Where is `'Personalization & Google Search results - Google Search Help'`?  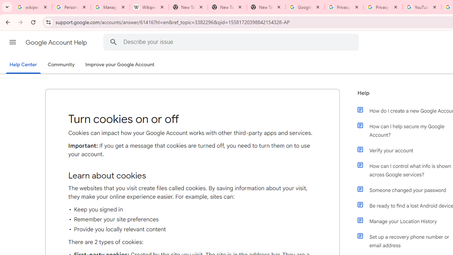 'Personalization & Google Search results - Google Search Help' is located at coordinates (71, 7).